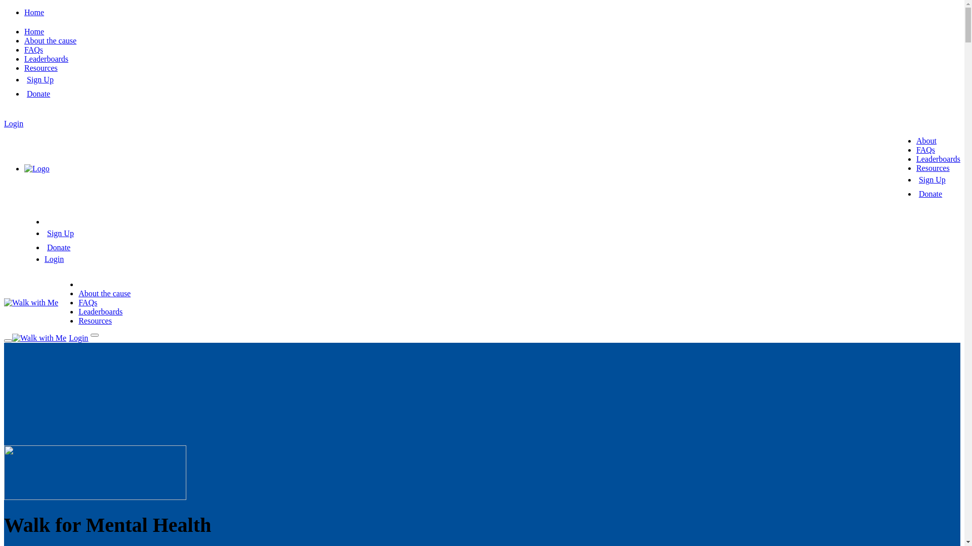  What do you see at coordinates (60, 233) in the screenshot?
I see `'Sign Up'` at bounding box center [60, 233].